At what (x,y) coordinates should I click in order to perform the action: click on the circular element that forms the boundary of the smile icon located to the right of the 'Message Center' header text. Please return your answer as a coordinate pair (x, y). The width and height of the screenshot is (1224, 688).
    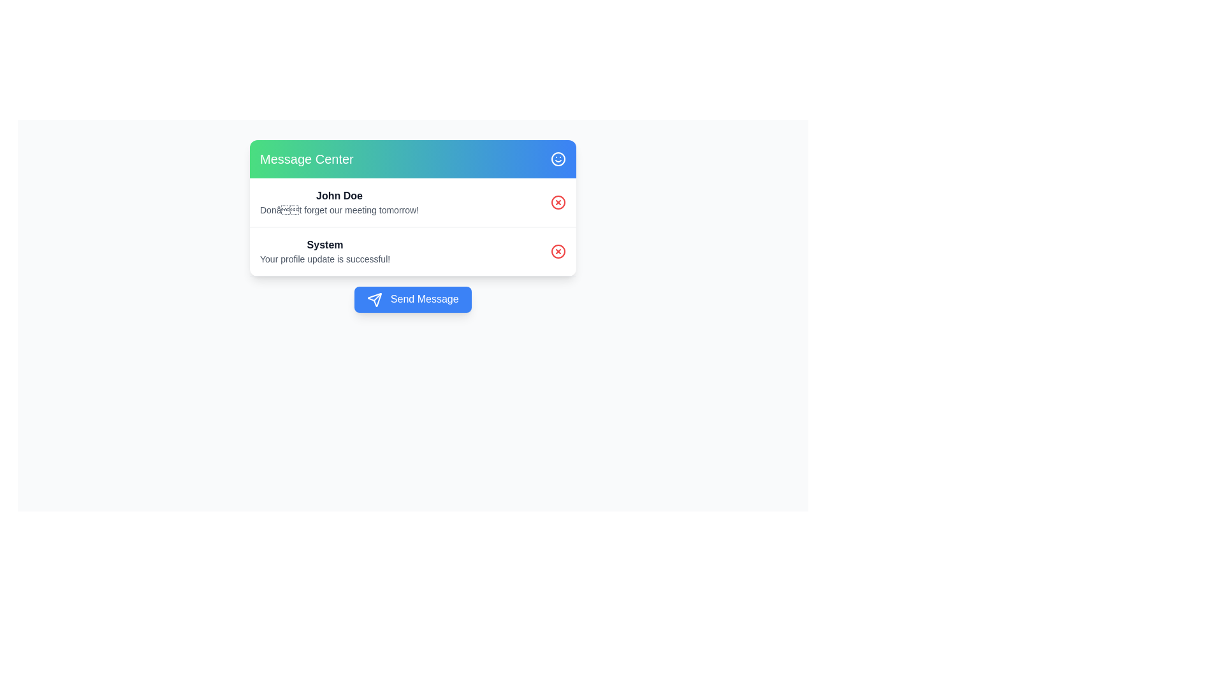
    Looking at the image, I should click on (558, 159).